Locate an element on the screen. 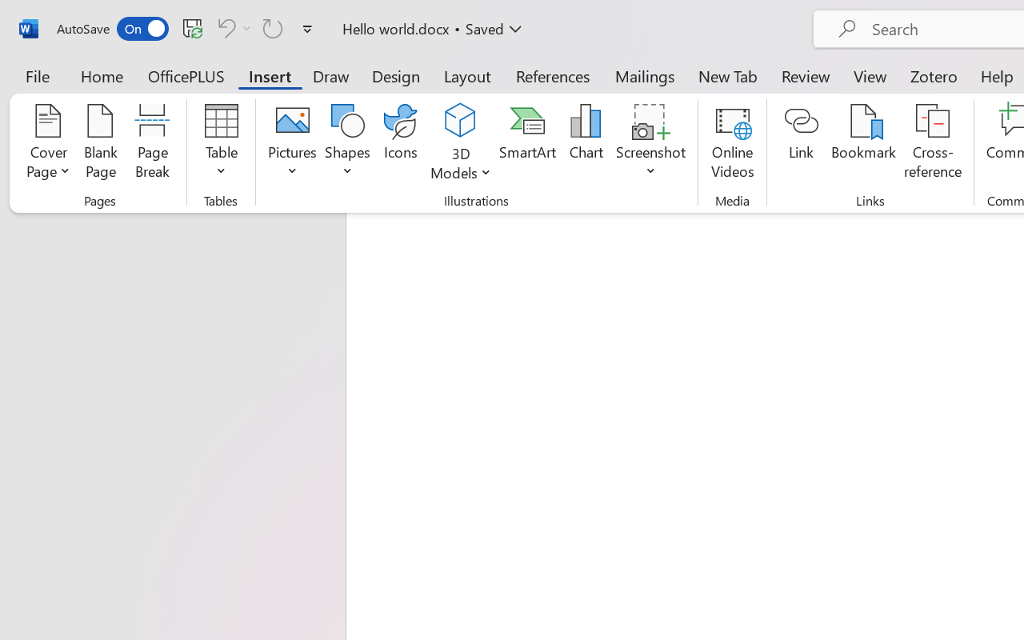  'New Tab' is located at coordinates (727, 75).